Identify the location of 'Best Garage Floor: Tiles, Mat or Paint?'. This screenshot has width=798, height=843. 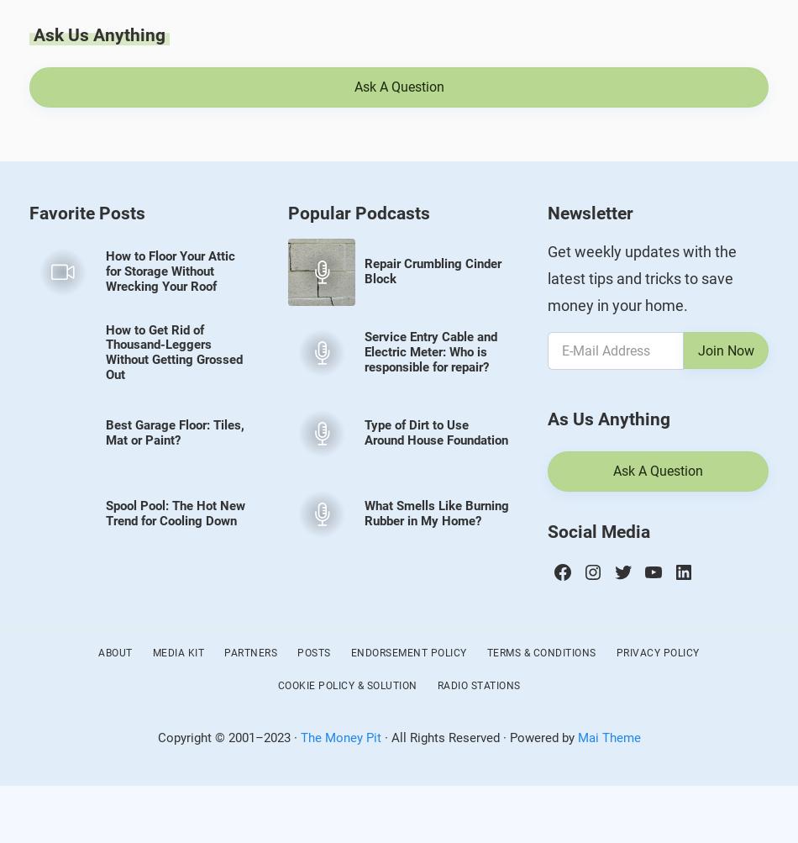
(174, 432).